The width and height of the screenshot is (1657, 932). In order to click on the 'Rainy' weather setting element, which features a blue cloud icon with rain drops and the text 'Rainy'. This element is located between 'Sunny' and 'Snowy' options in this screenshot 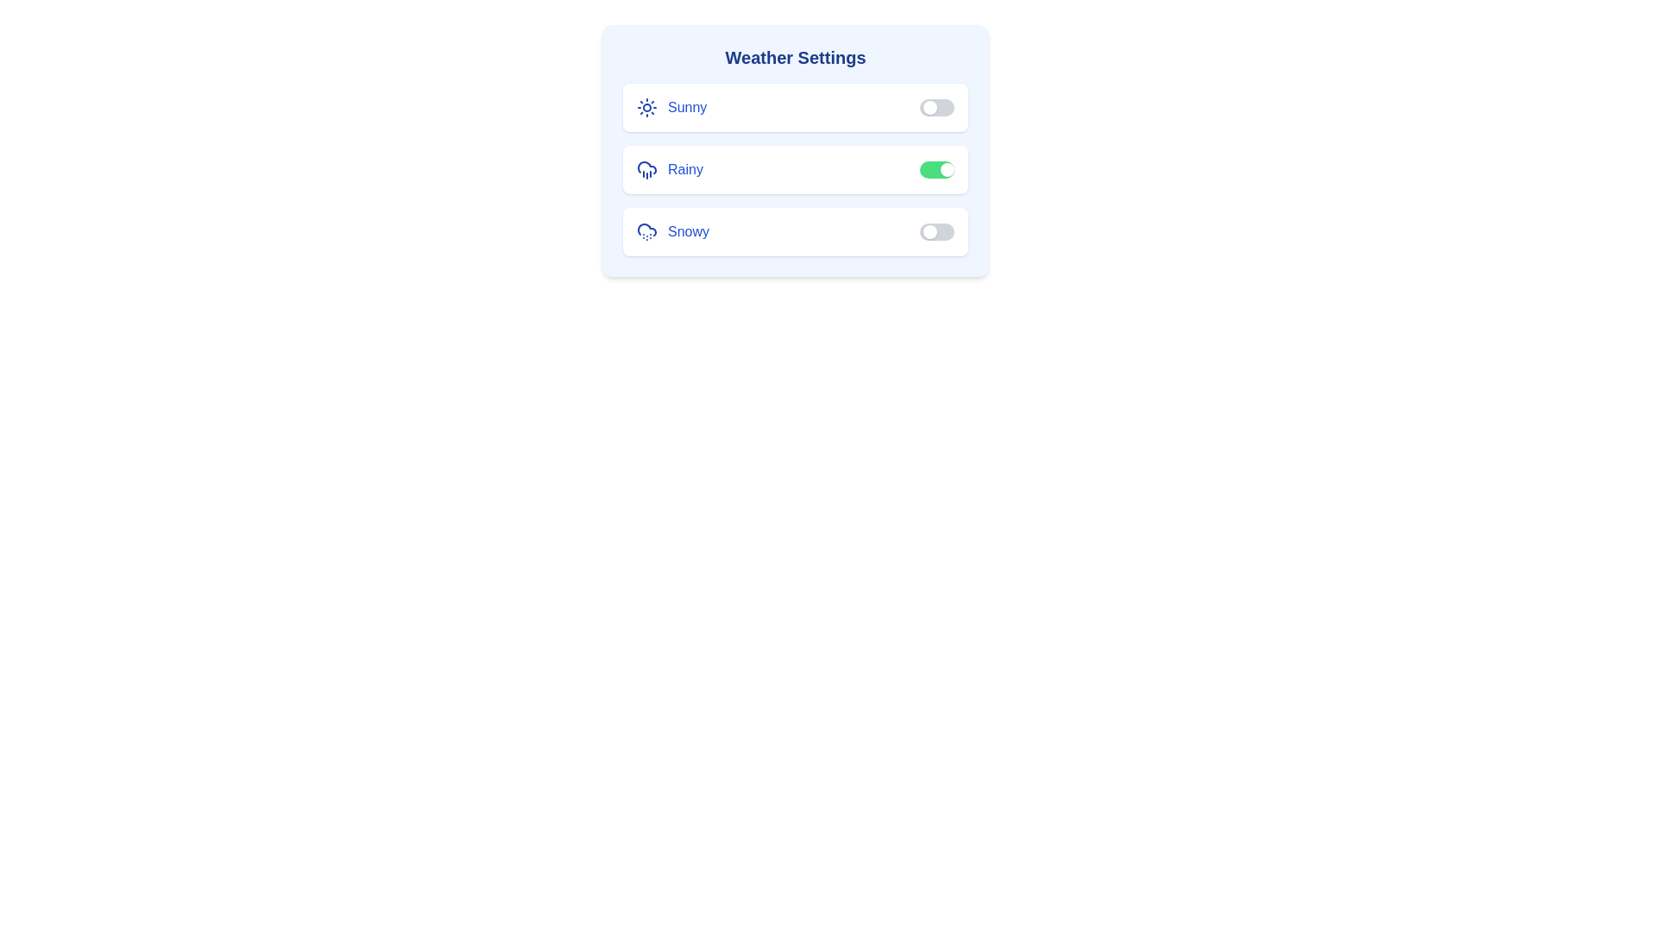, I will do `click(669, 169)`.